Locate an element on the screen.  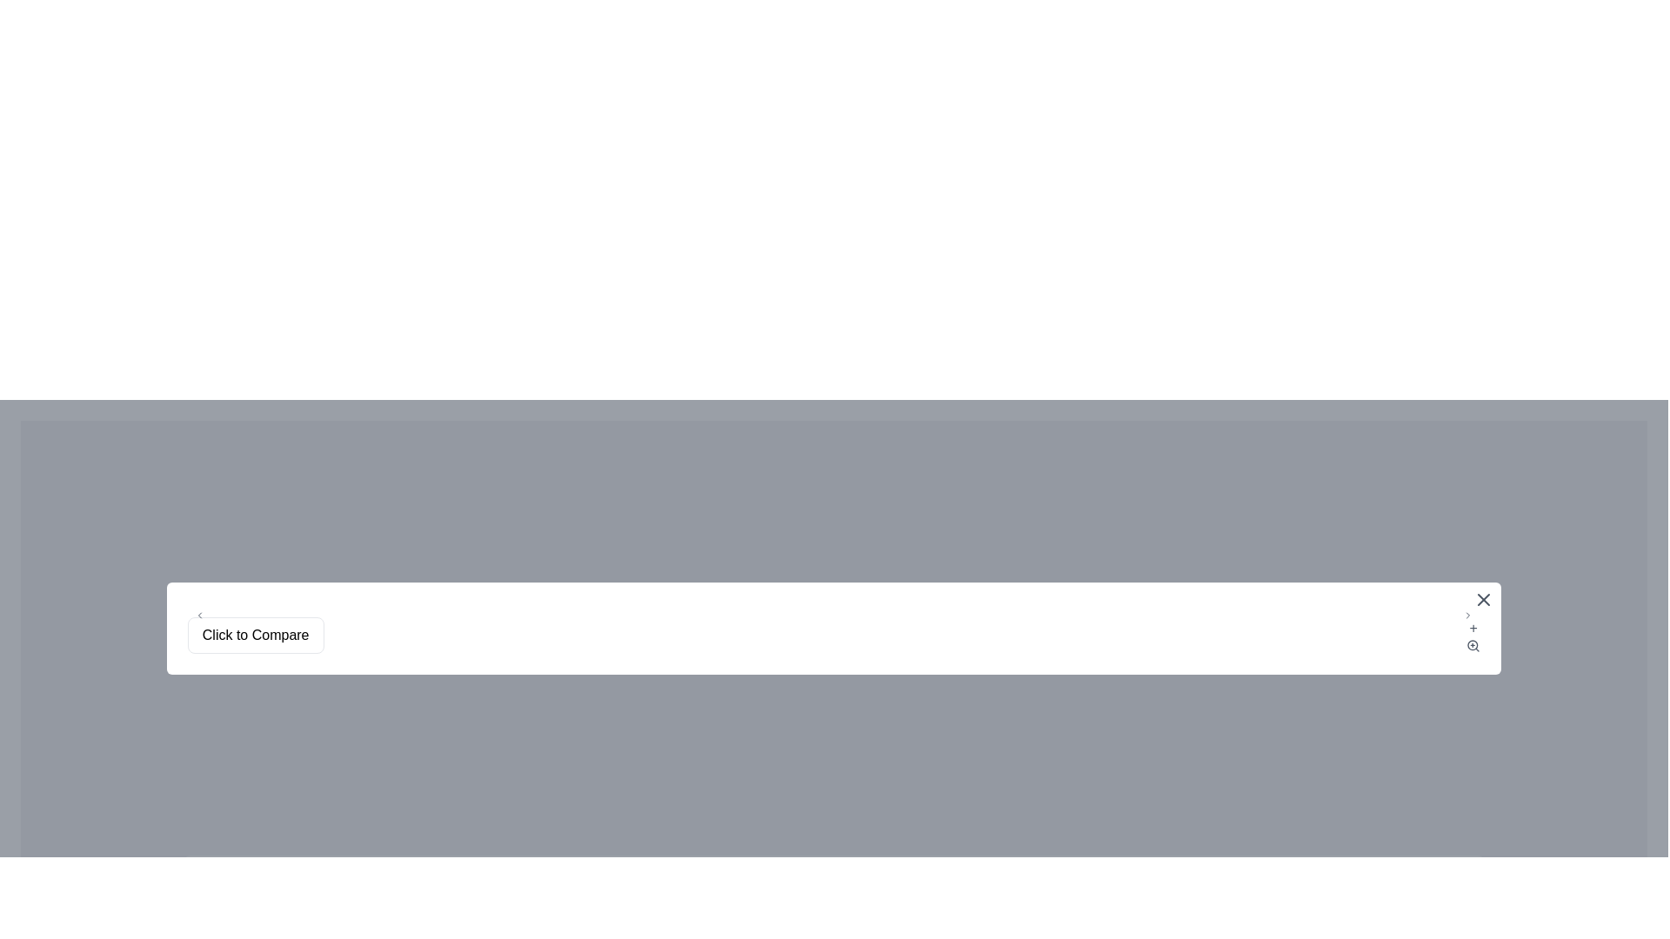
the circular '+' icon within the magnifying glass graphic located at the top-right corner of the interactive panel is located at coordinates (1472, 645).